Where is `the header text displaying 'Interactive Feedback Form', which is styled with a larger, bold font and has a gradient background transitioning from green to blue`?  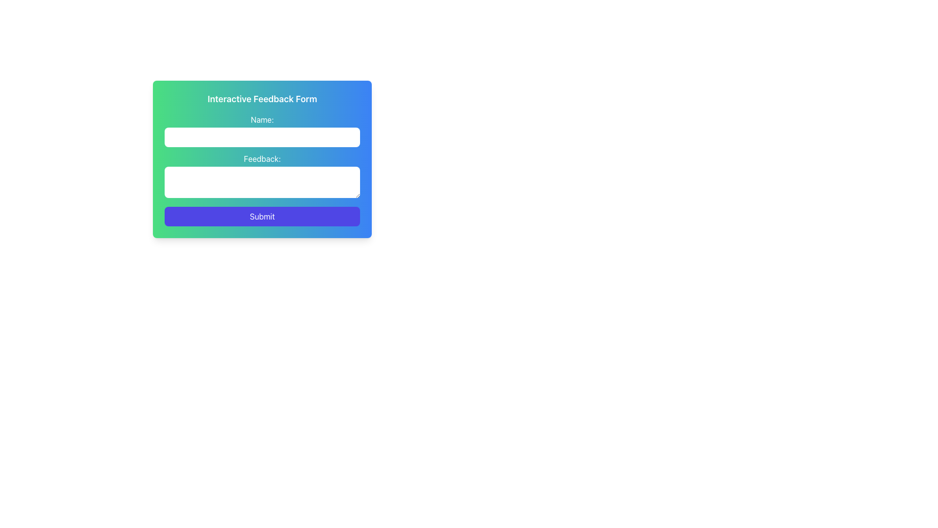 the header text displaying 'Interactive Feedback Form', which is styled with a larger, bold font and has a gradient background transitioning from green to blue is located at coordinates (262, 99).